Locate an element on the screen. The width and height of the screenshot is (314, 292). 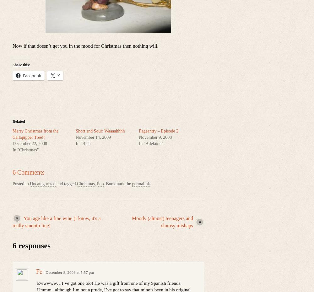
'Now if that doesn’t get you in the mood for Christmas then nothing will.' is located at coordinates (13, 46).